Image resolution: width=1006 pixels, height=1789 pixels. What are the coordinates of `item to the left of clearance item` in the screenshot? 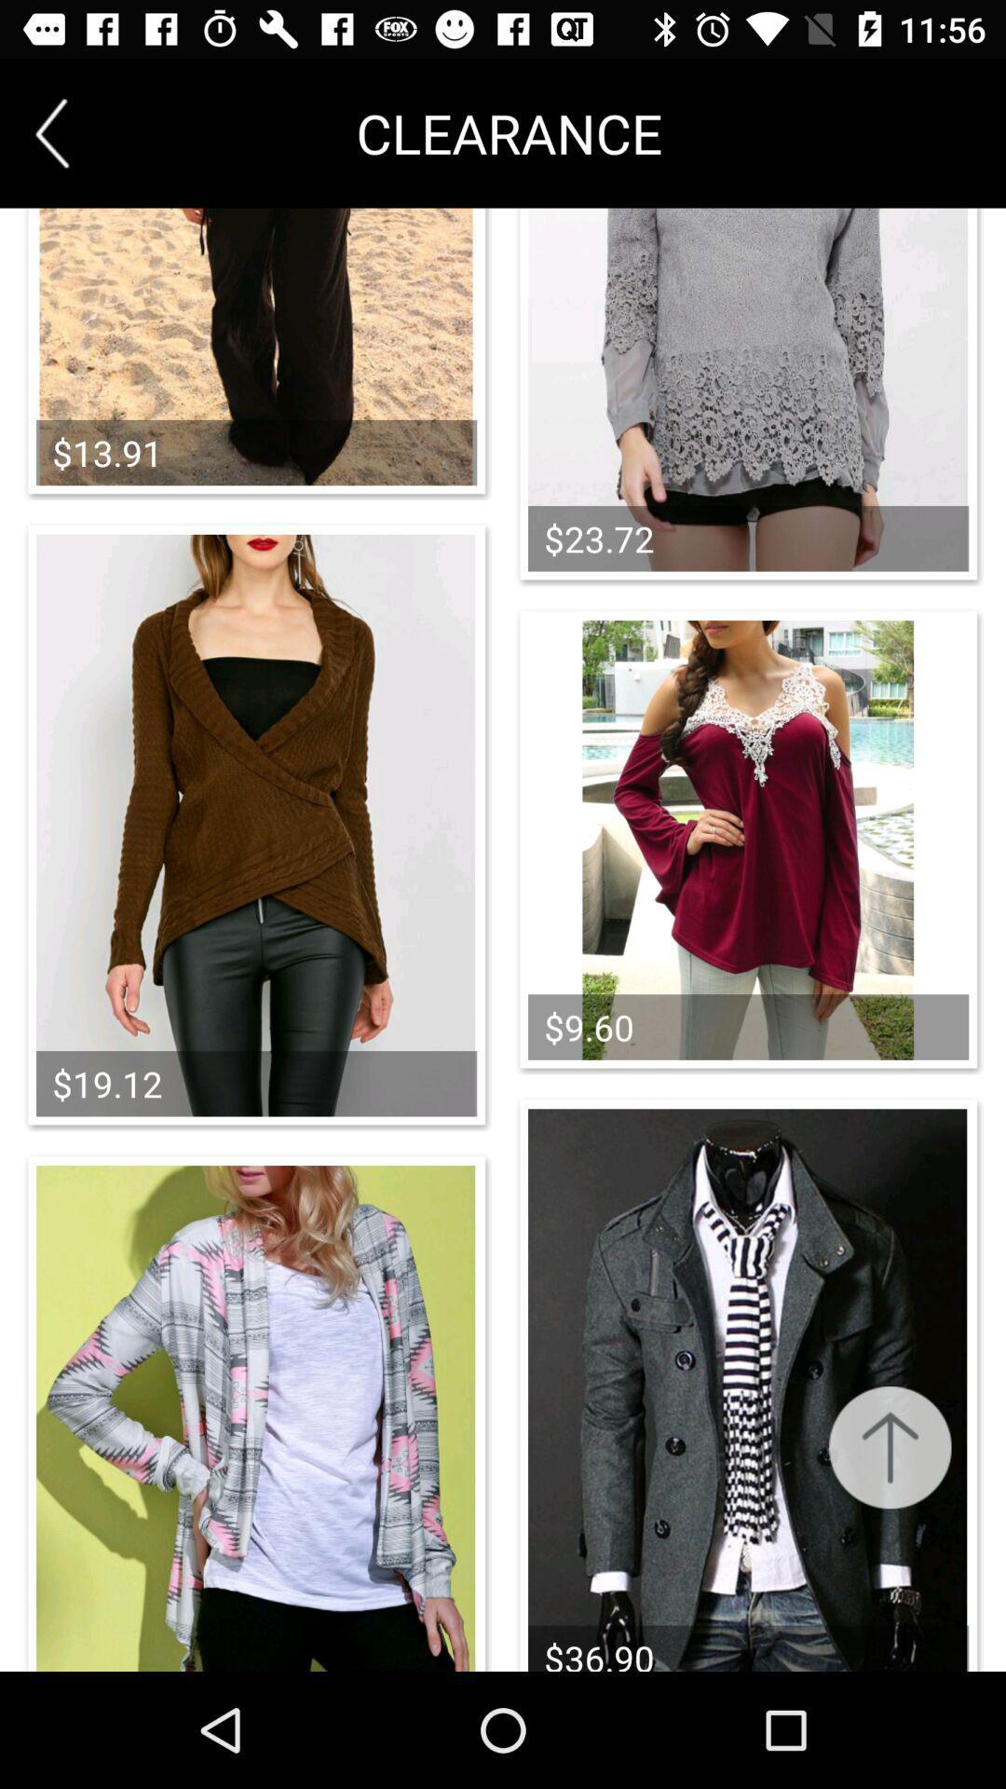 It's located at (51, 132).